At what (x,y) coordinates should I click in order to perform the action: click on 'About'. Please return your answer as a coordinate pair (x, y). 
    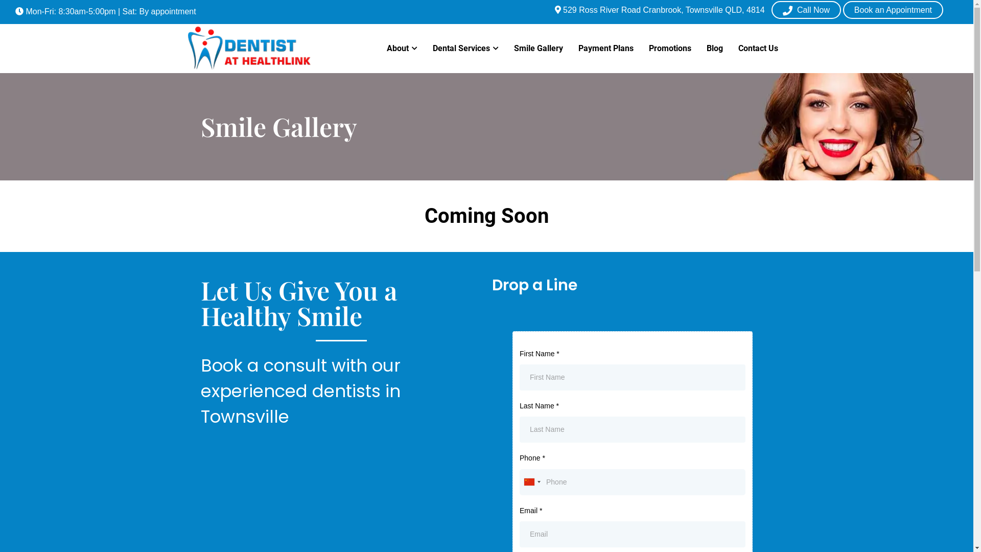
    Looking at the image, I should click on (402, 49).